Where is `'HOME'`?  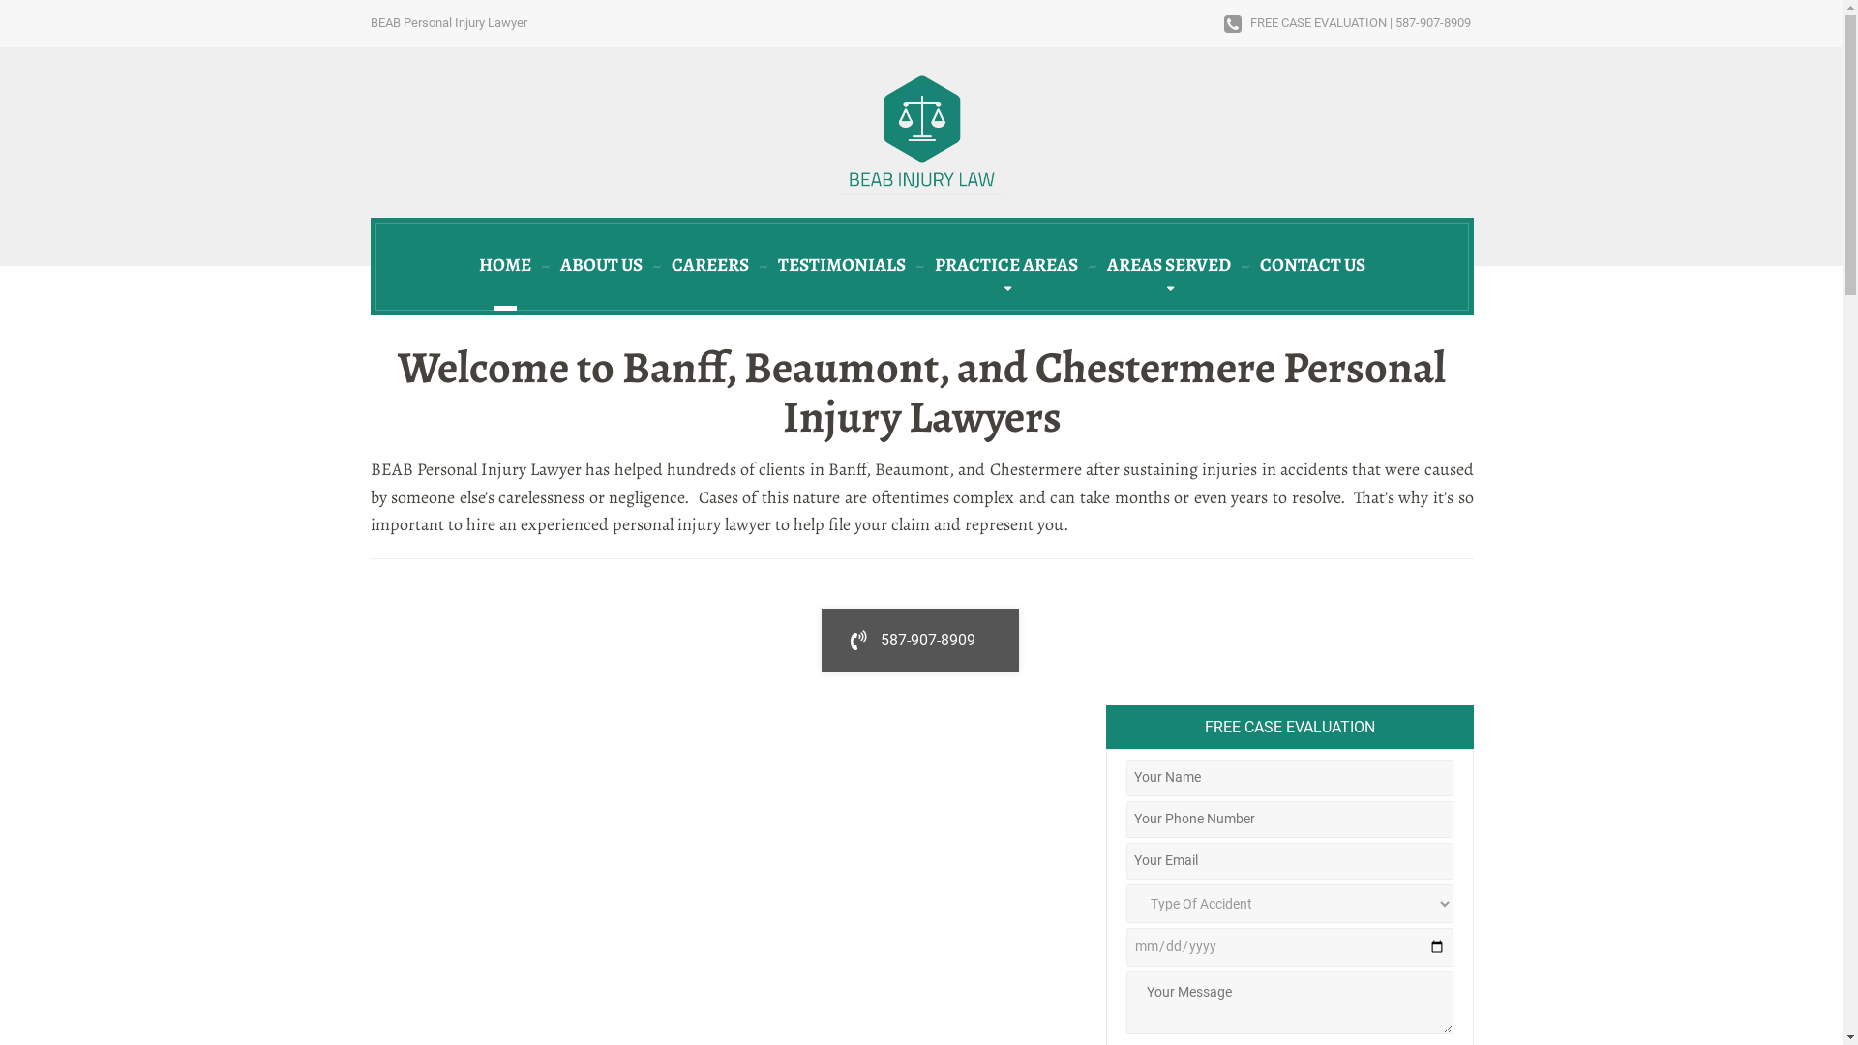
'HOME' is located at coordinates (505, 266).